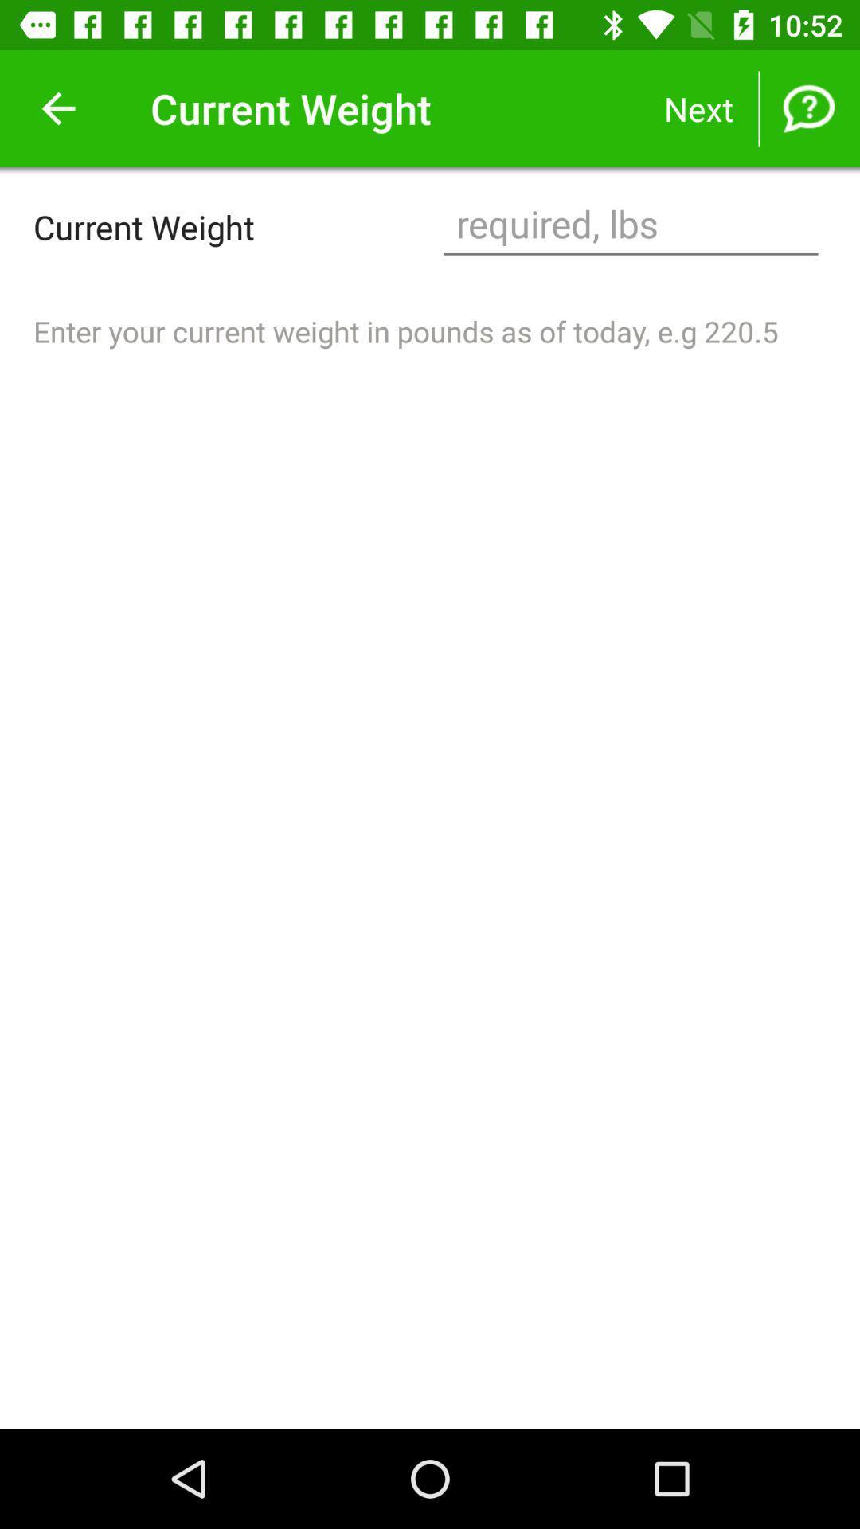 The height and width of the screenshot is (1529, 860). What do you see at coordinates (630, 225) in the screenshot?
I see `icon next to the current weight` at bounding box center [630, 225].